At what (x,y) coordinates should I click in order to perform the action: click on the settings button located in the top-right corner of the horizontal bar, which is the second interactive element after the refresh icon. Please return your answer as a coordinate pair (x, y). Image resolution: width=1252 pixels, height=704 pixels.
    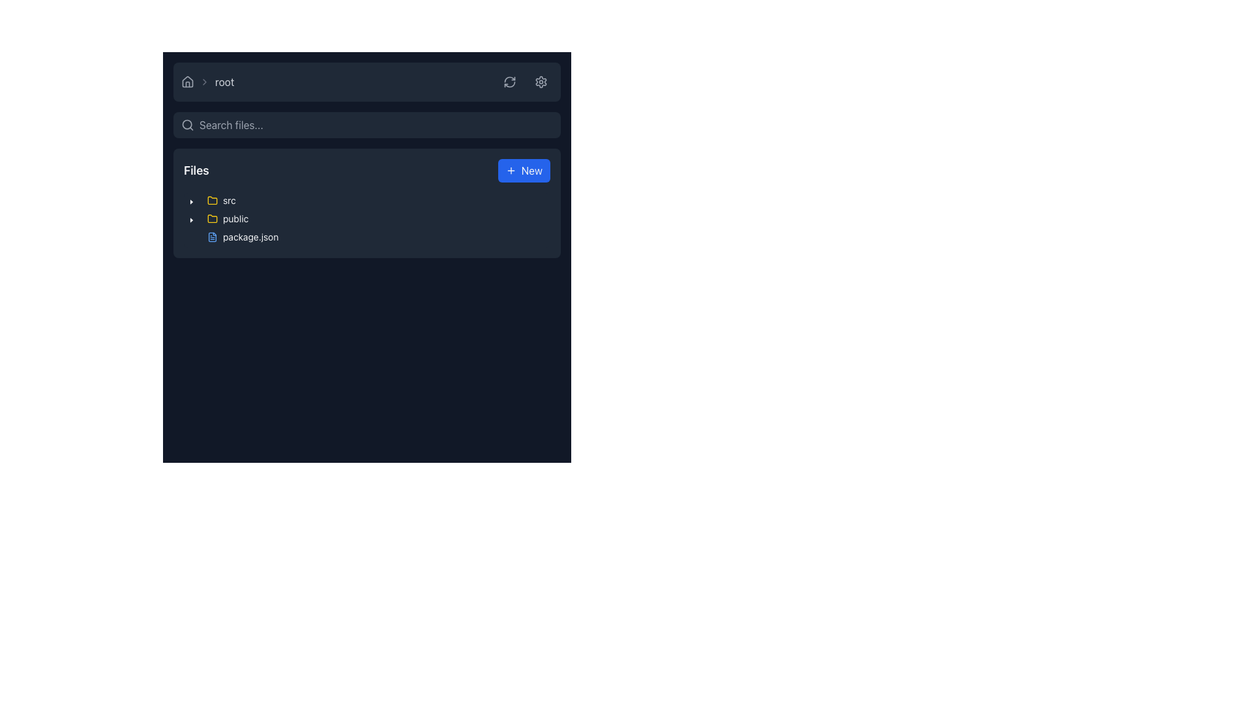
    Looking at the image, I should click on (541, 82).